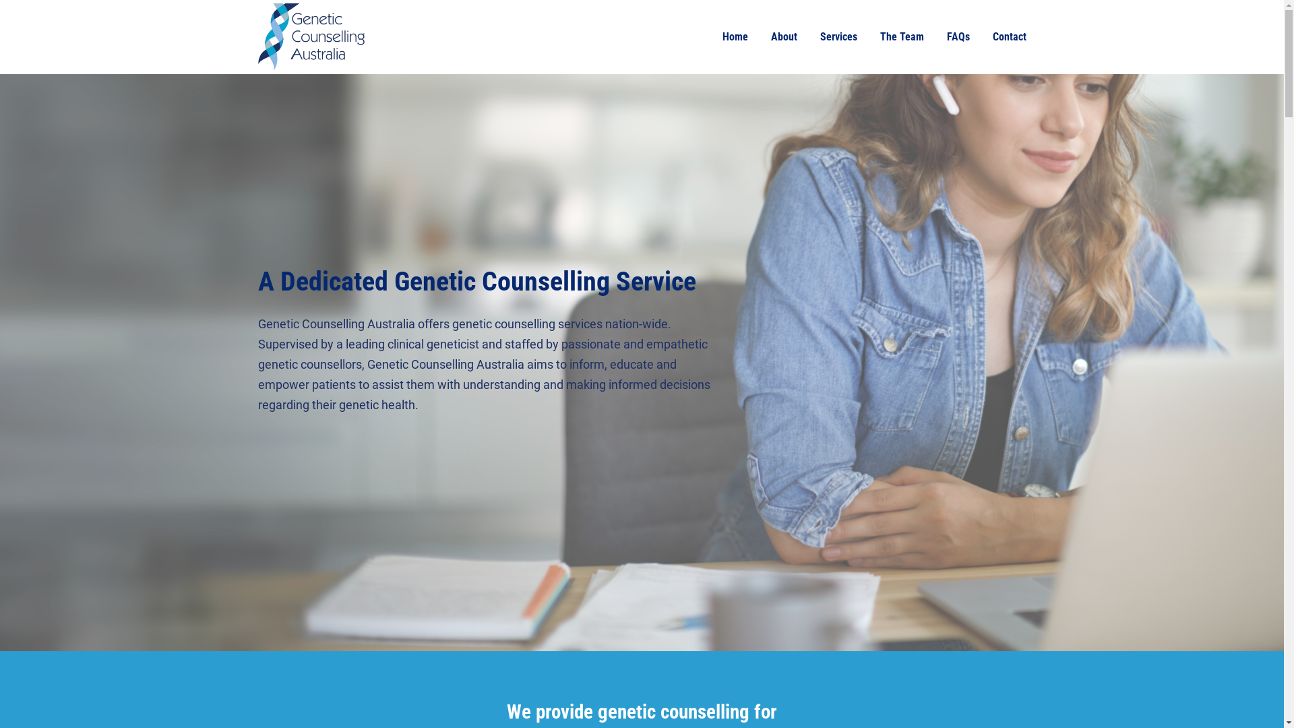 The image size is (1294, 728). What do you see at coordinates (784, 36) in the screenshot?
I see `'About'` at bounding box center [784, 36].